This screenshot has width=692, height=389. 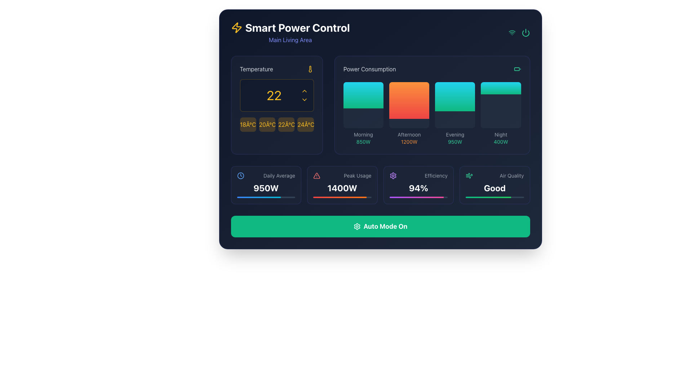 What do you see at coordinates (266, 187) in the screenshot?
I see `value displayed in the Text element that shows the daily average power consumption in watts (W), located under the 'Daily Average' section and centered within its card` at bounding box center [266, 187].